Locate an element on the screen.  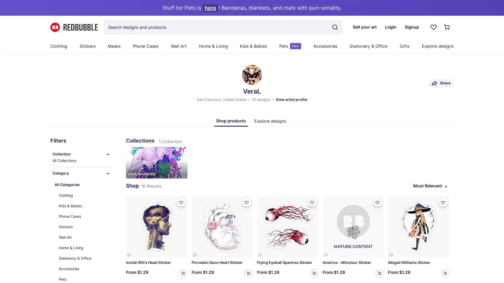
Home & Living is located at coordinates (84, 248).